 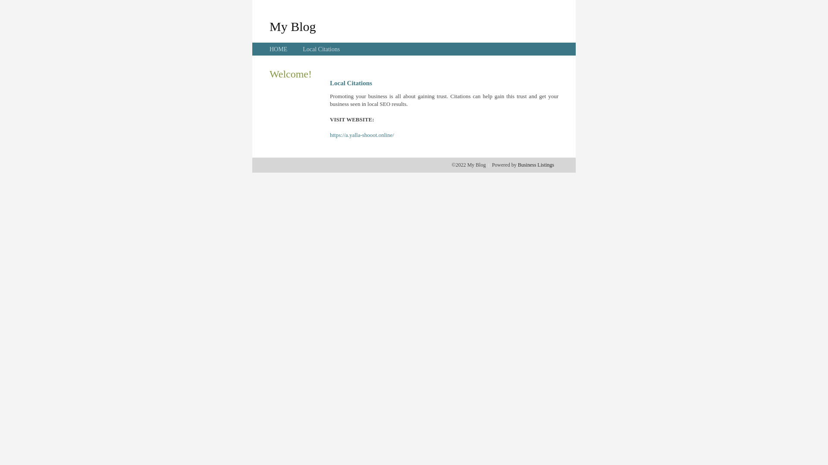 I want to click on 'HOME', so click(x=278, y=49).